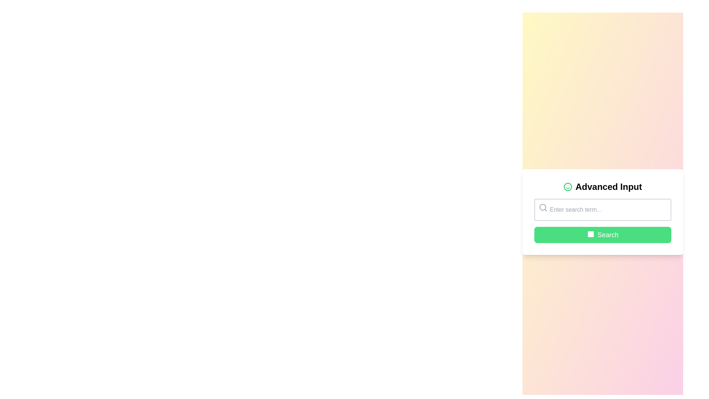 The width and height of the screenshot is (709, 399). Describe the element at coordinates (568, 186) in the screenshot. I see `the decorative icon located to the left of the 'Advanced Input' text in the header content` at that location.